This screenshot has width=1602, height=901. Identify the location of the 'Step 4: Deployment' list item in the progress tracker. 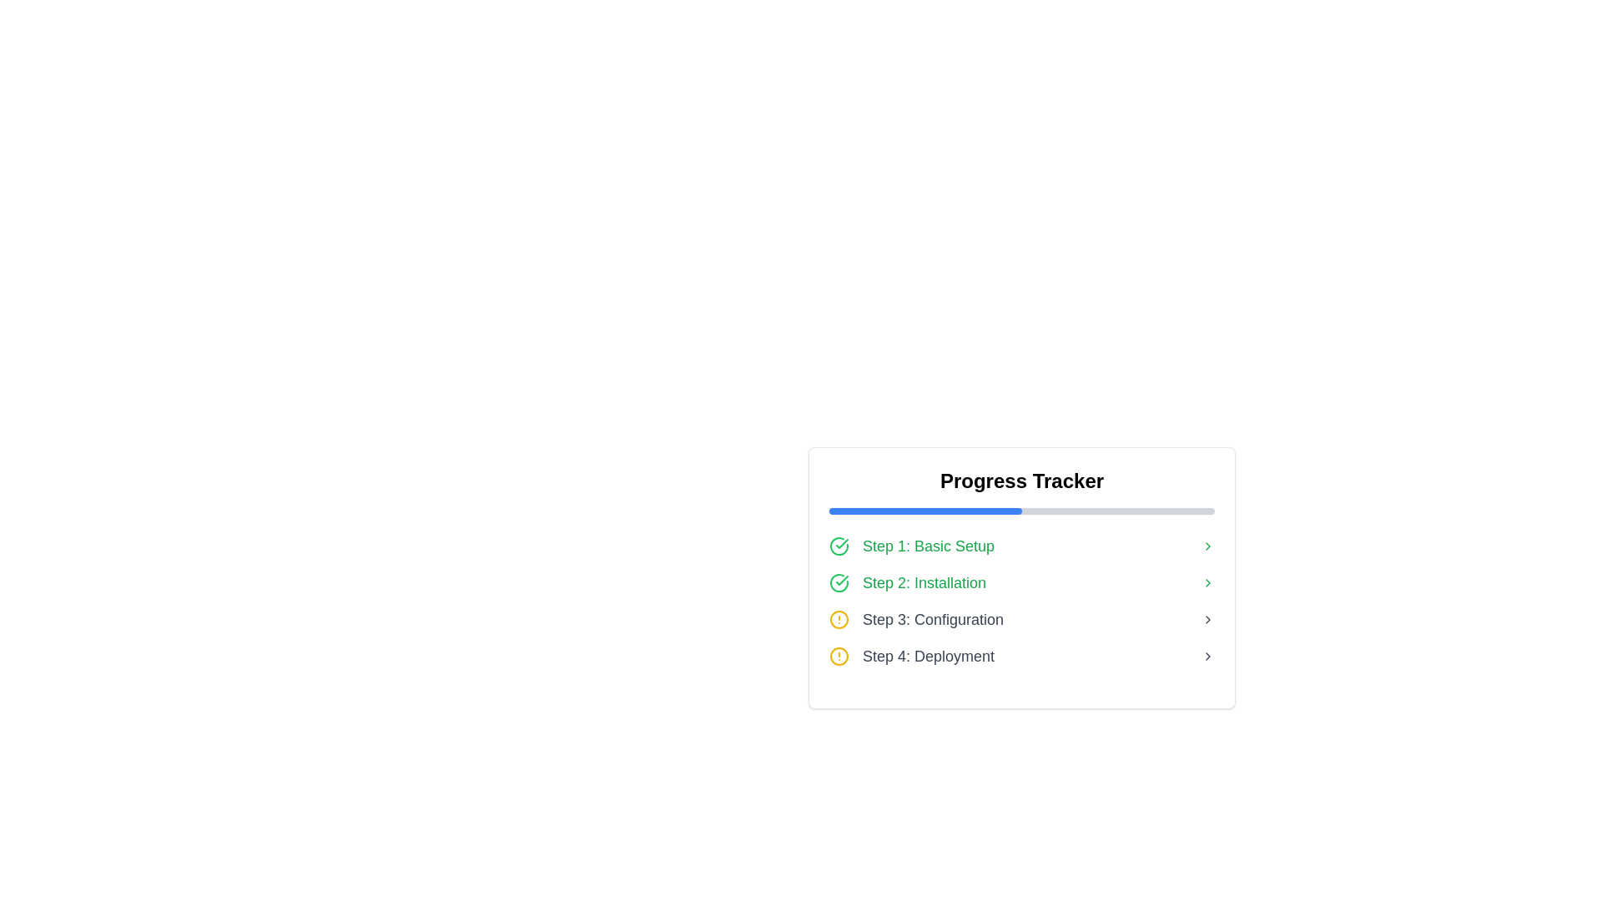
(1020, 655).